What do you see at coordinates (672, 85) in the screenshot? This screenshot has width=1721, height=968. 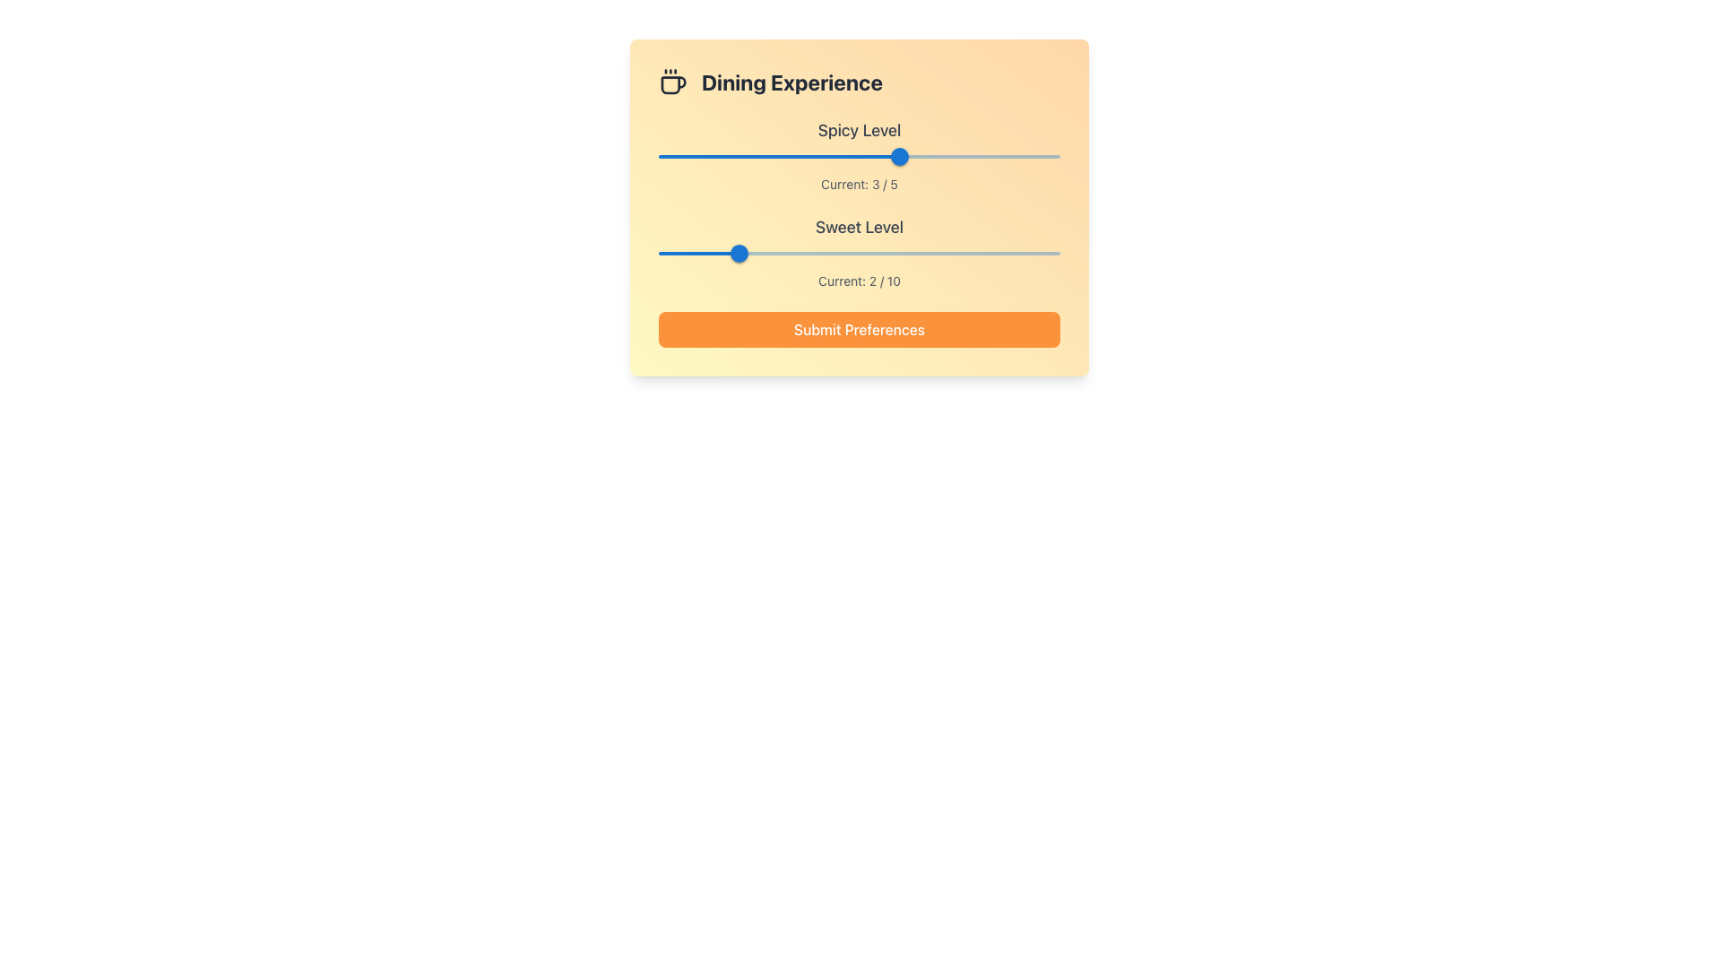 I see `the coffee cup icon located at the top left corner of the 'Dining Experience' card, which serves as a visual cue for dining or beverages` at bounding box center [672, 85].